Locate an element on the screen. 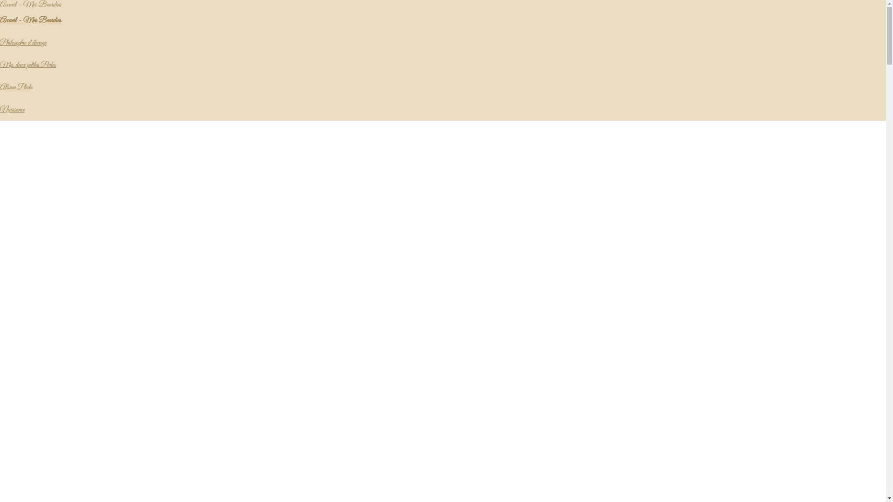  'Mes deux petites Perles' is located at coordinates (0, 64).